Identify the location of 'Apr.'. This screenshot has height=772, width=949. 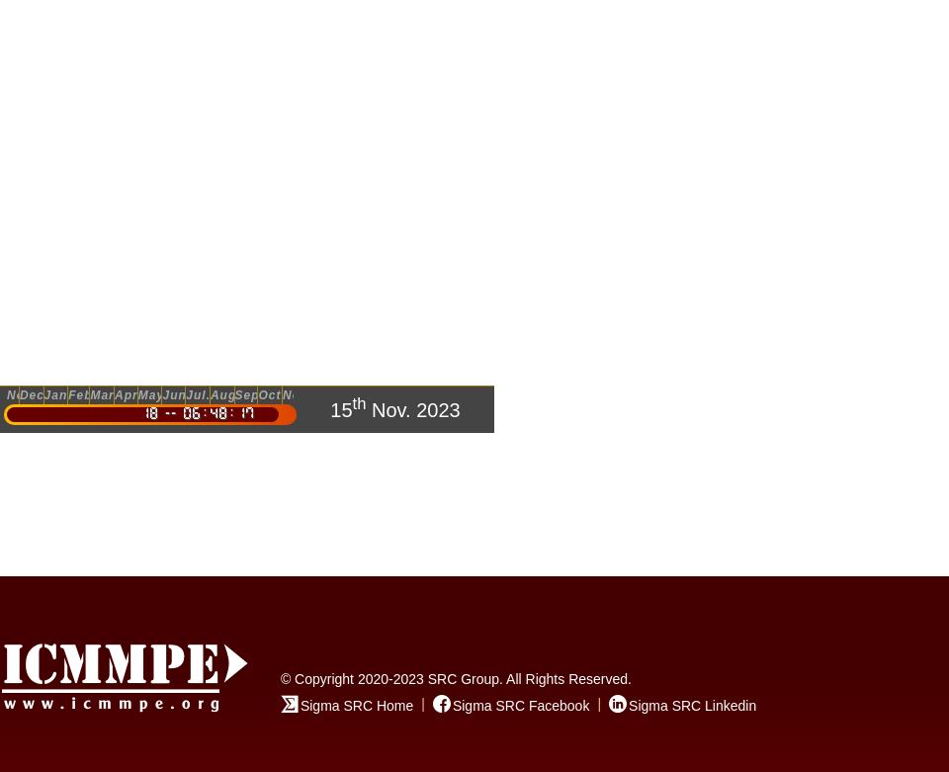
(127, 394).